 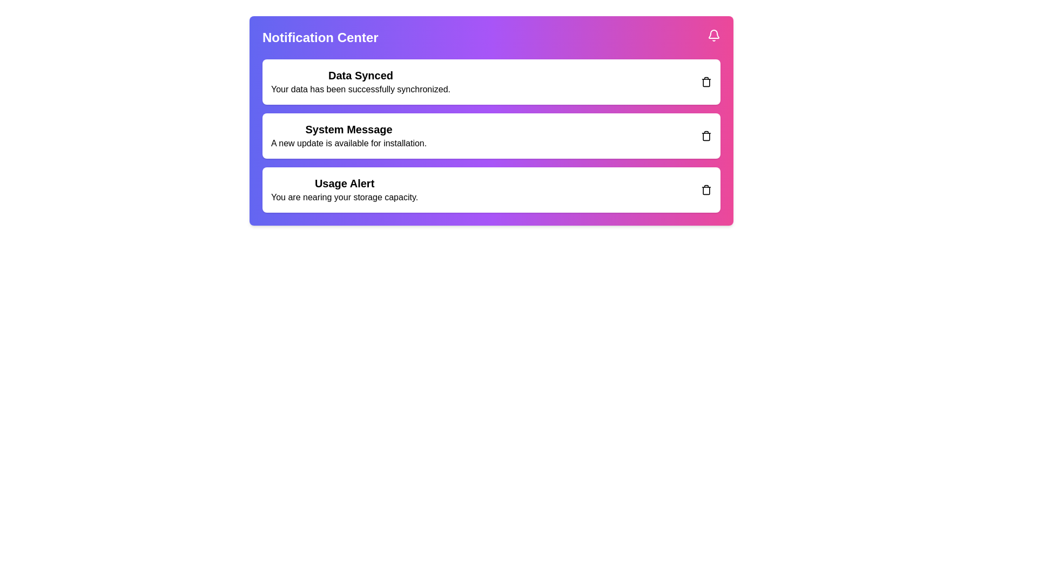 I want to click on the trash icon located at the bottommost position of a three-item vertical list, adjacent to the text 'Usage Alert, You are nearing your storage capacity', so click(x=706, y=189).